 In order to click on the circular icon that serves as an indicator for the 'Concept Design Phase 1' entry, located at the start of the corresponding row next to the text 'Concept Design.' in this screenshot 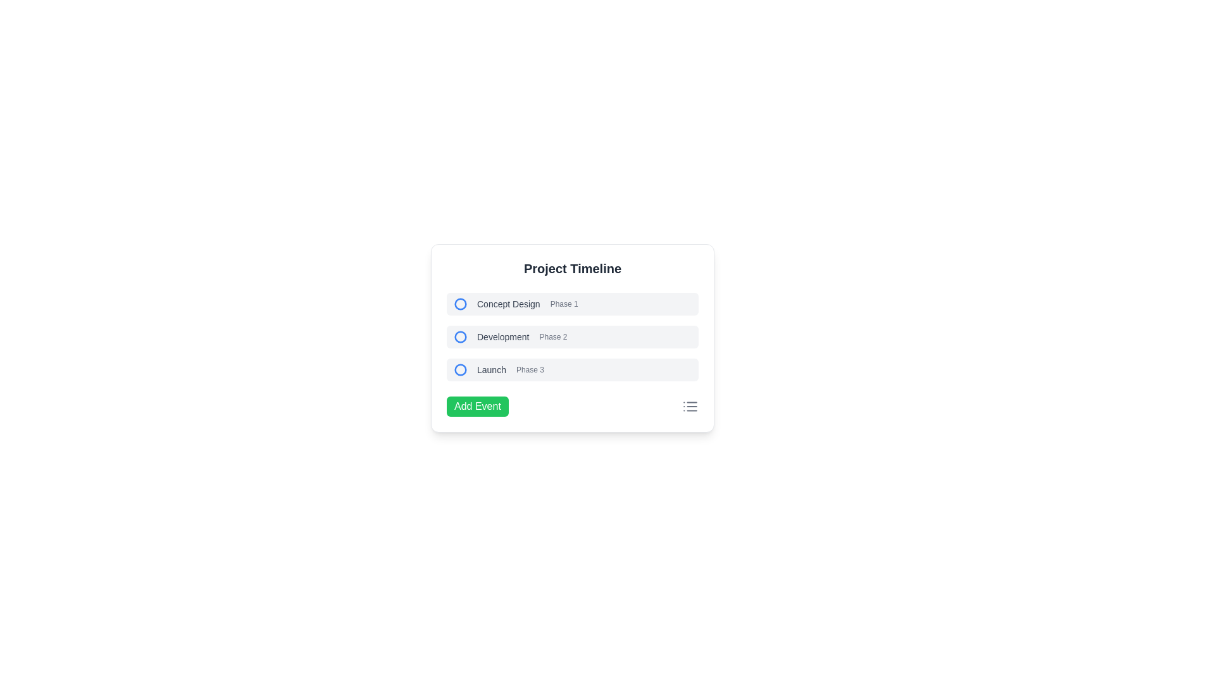, I will do `click(460, 304)`.